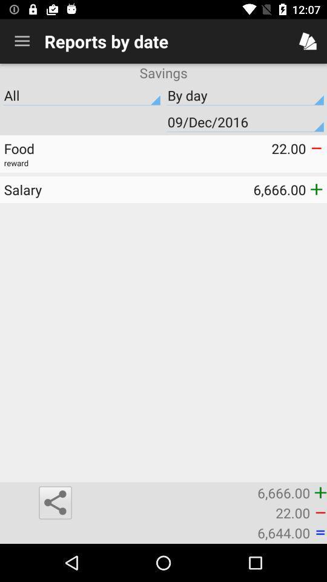 Image resolution: width=327 pixels, height=582 pixels. What do you see at coordinates (54, 503) in the screenshot?
I see `share the report` at bounding box center [54, 503].